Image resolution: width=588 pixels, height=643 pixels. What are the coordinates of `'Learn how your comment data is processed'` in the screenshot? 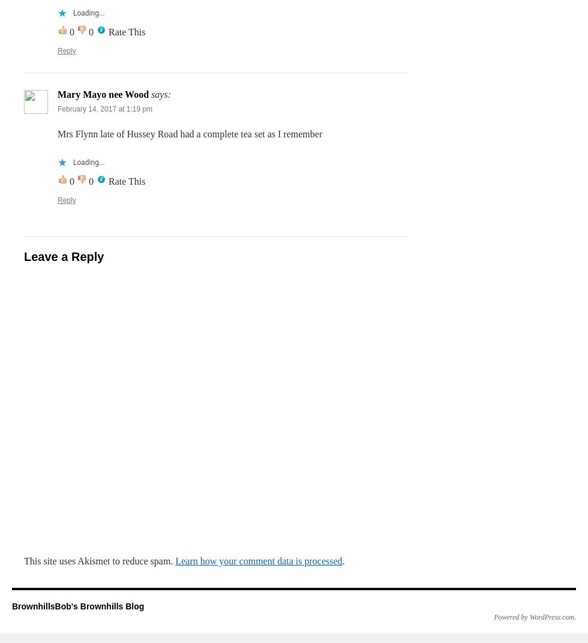 It's located at (259, 560).